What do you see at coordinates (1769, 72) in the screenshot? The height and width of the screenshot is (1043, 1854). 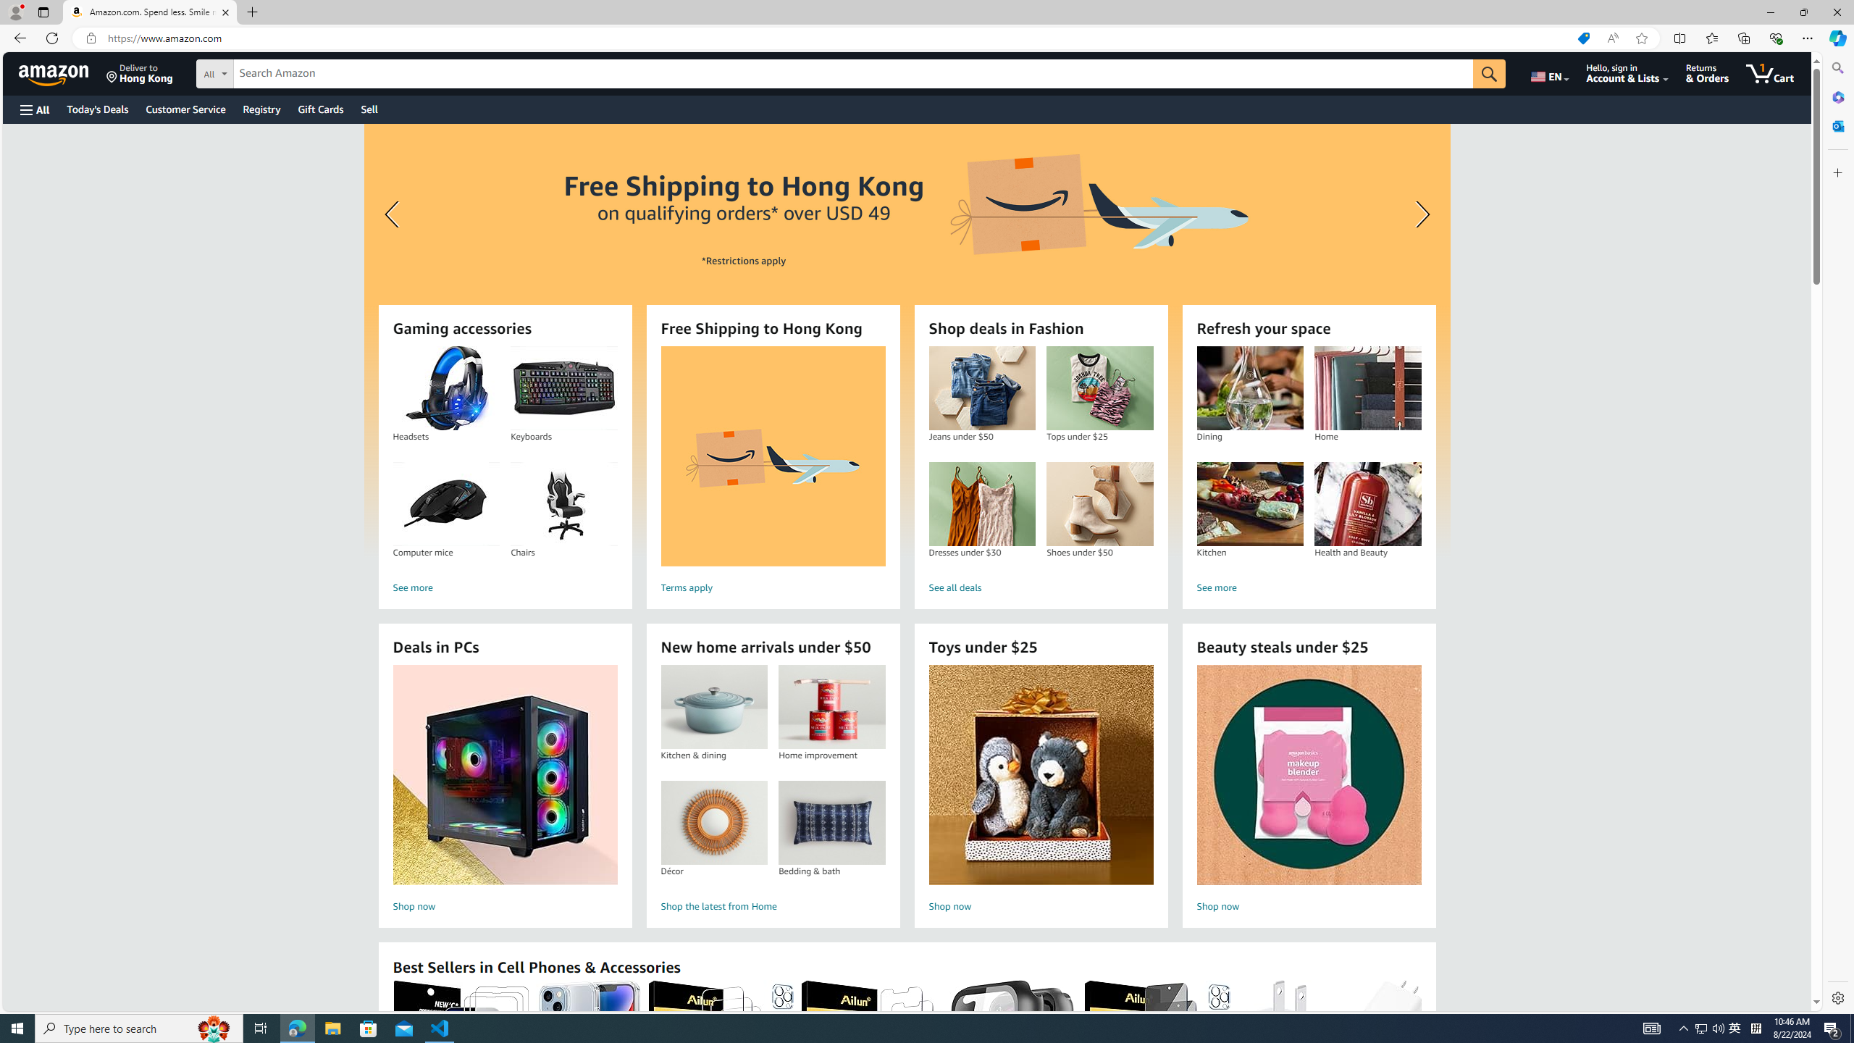 I see `'1 item in cart'` at bounding box center [1769, 72].